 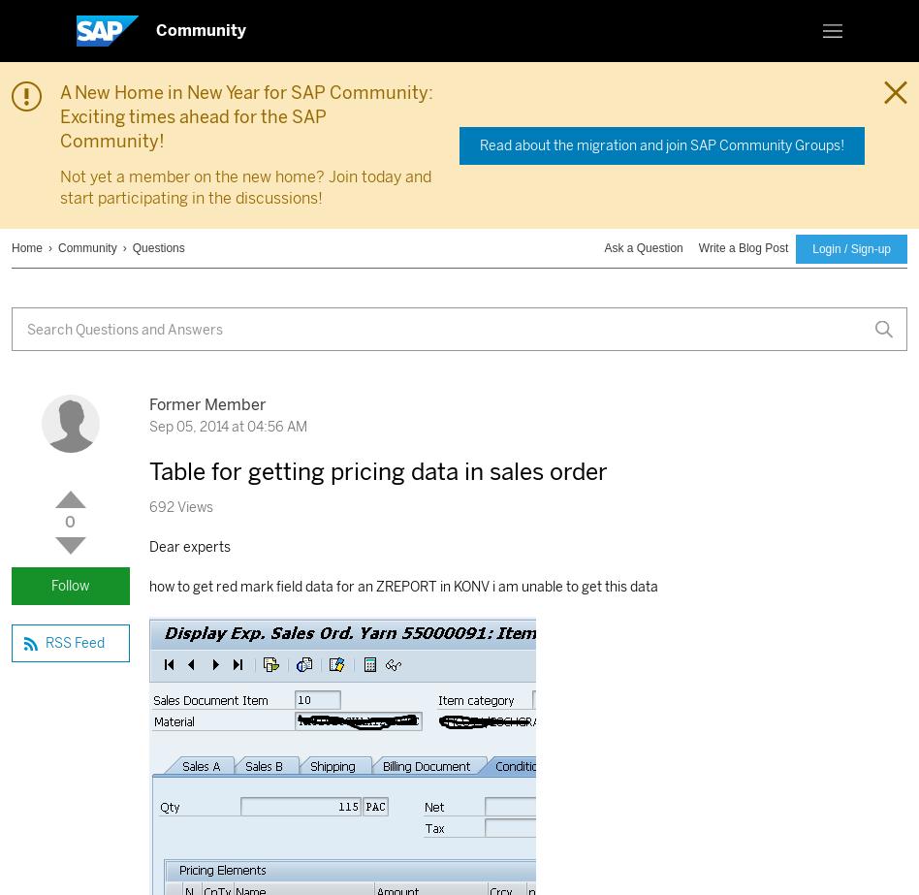 What do you see at coordinates (376, 469) in the screenshot?
I see `'Table for getting pricing data in sales order'` at bounding box center [376, 469].